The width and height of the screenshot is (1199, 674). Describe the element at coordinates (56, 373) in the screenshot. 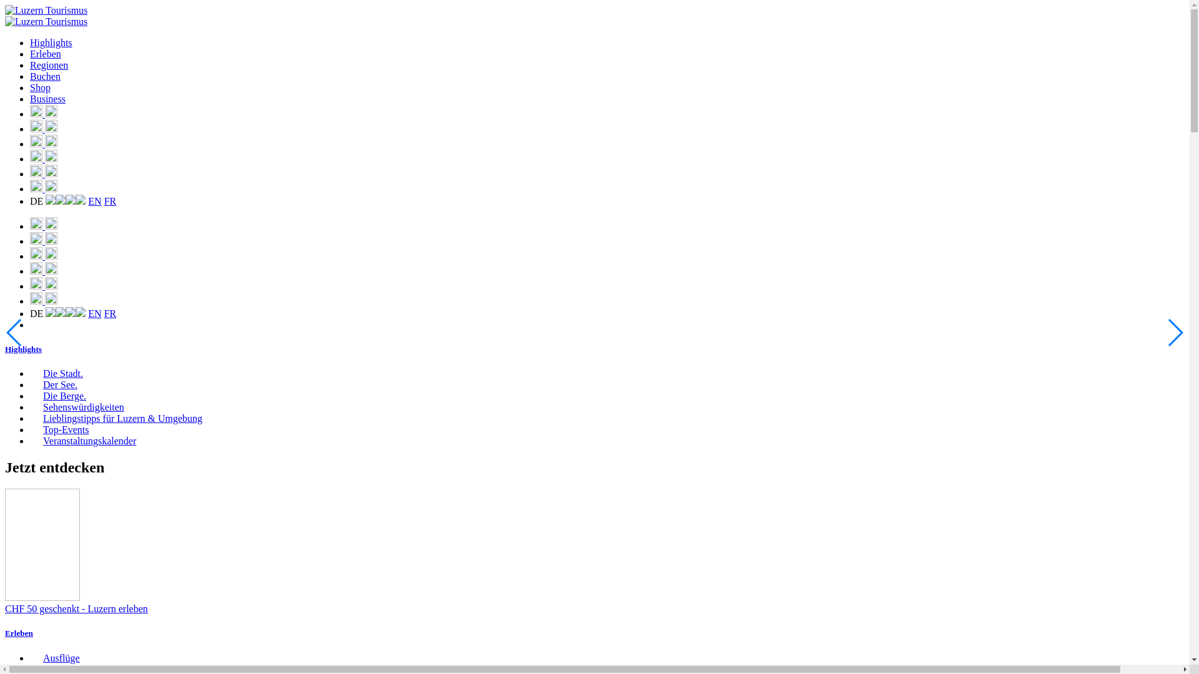

I see `'Die Stadt.'` at that location.